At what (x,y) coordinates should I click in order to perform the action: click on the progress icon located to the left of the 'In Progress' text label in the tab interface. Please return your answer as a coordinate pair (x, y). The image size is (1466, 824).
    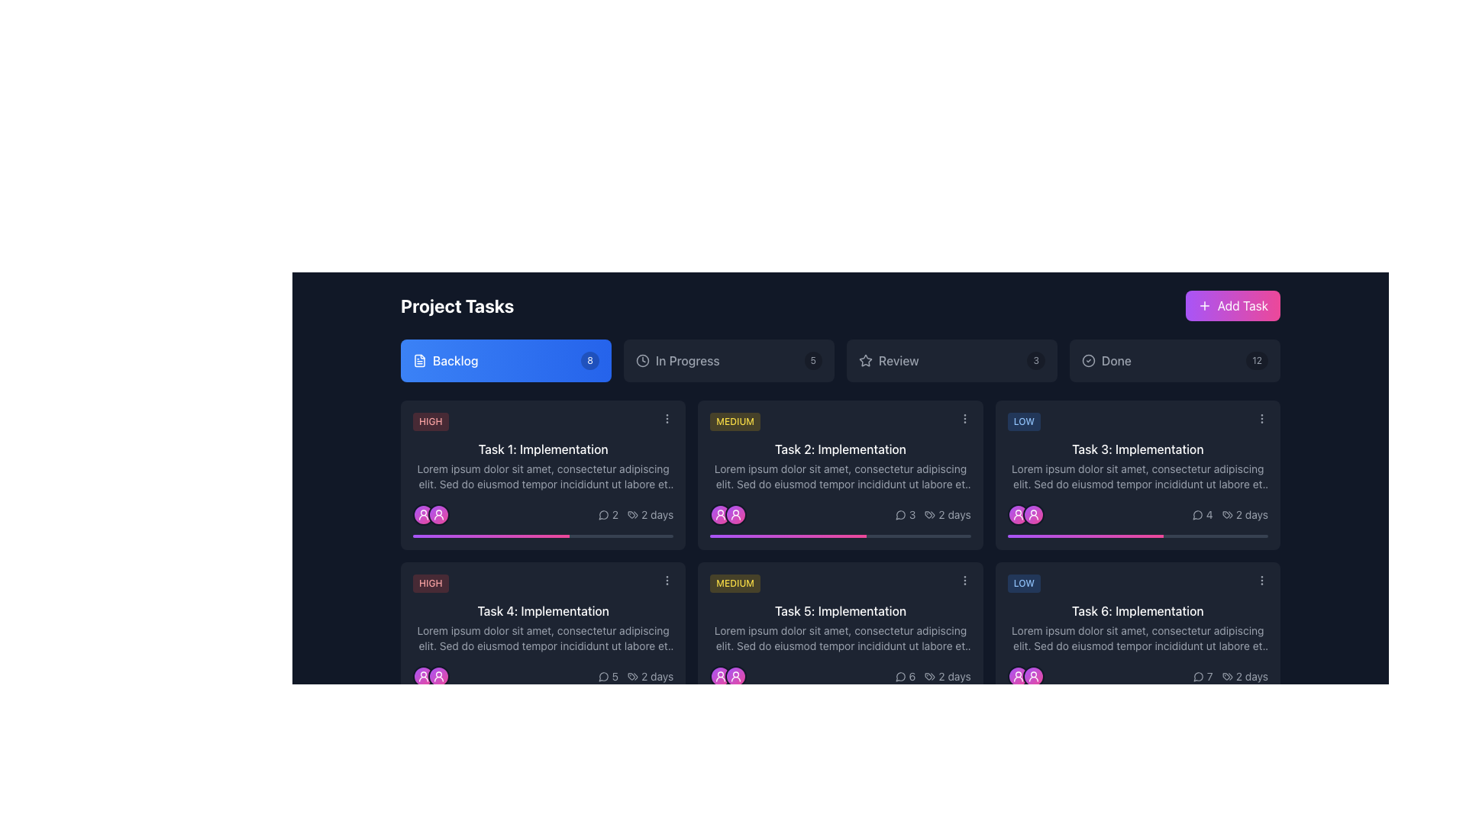
    Looking at the image, I should click on (642, 361).